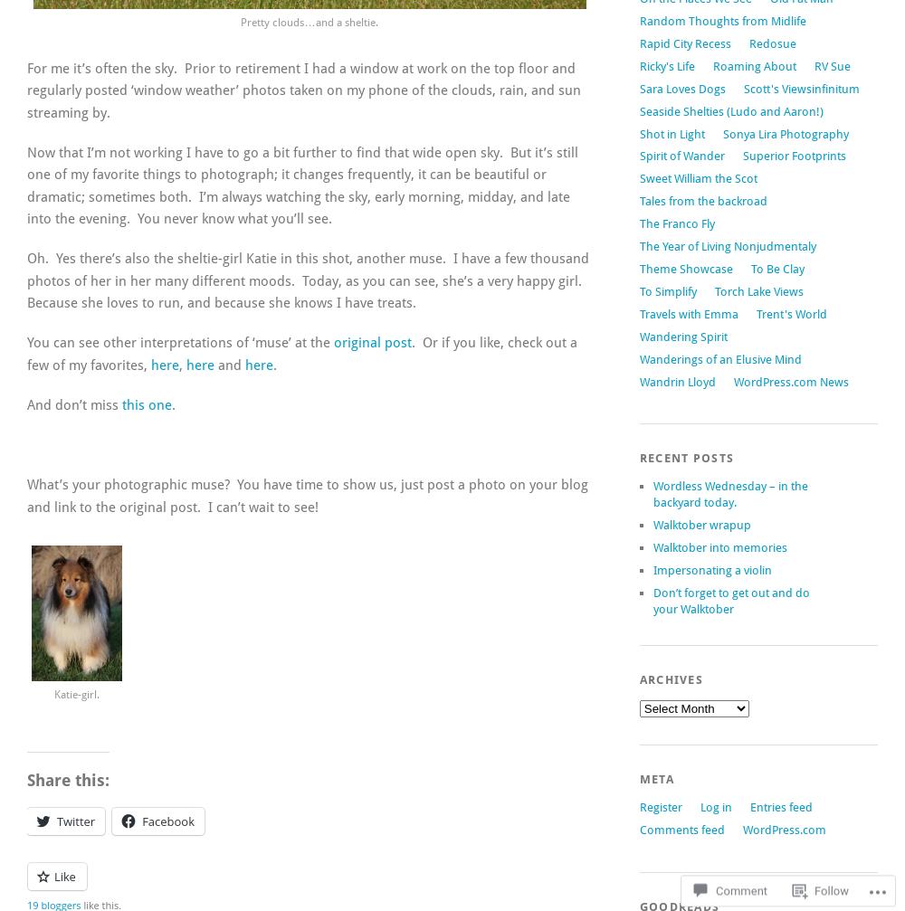  Describe the element at coordinates (655, 777) in the screenshot. I see `'Meta'` at that location.